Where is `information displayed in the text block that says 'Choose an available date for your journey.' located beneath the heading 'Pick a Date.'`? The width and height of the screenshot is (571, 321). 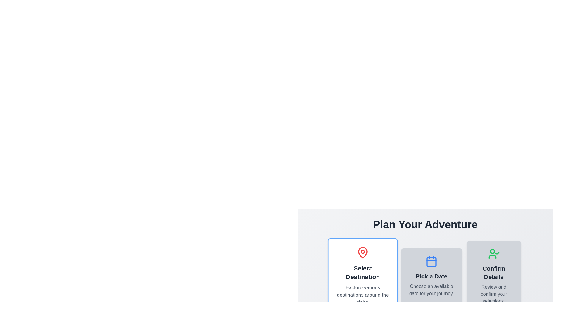 information displayed in the text block that says 'Choose an available date for your journey.' located beneath the heading 'Pick a Date.' is located at coordinates (432, 289).